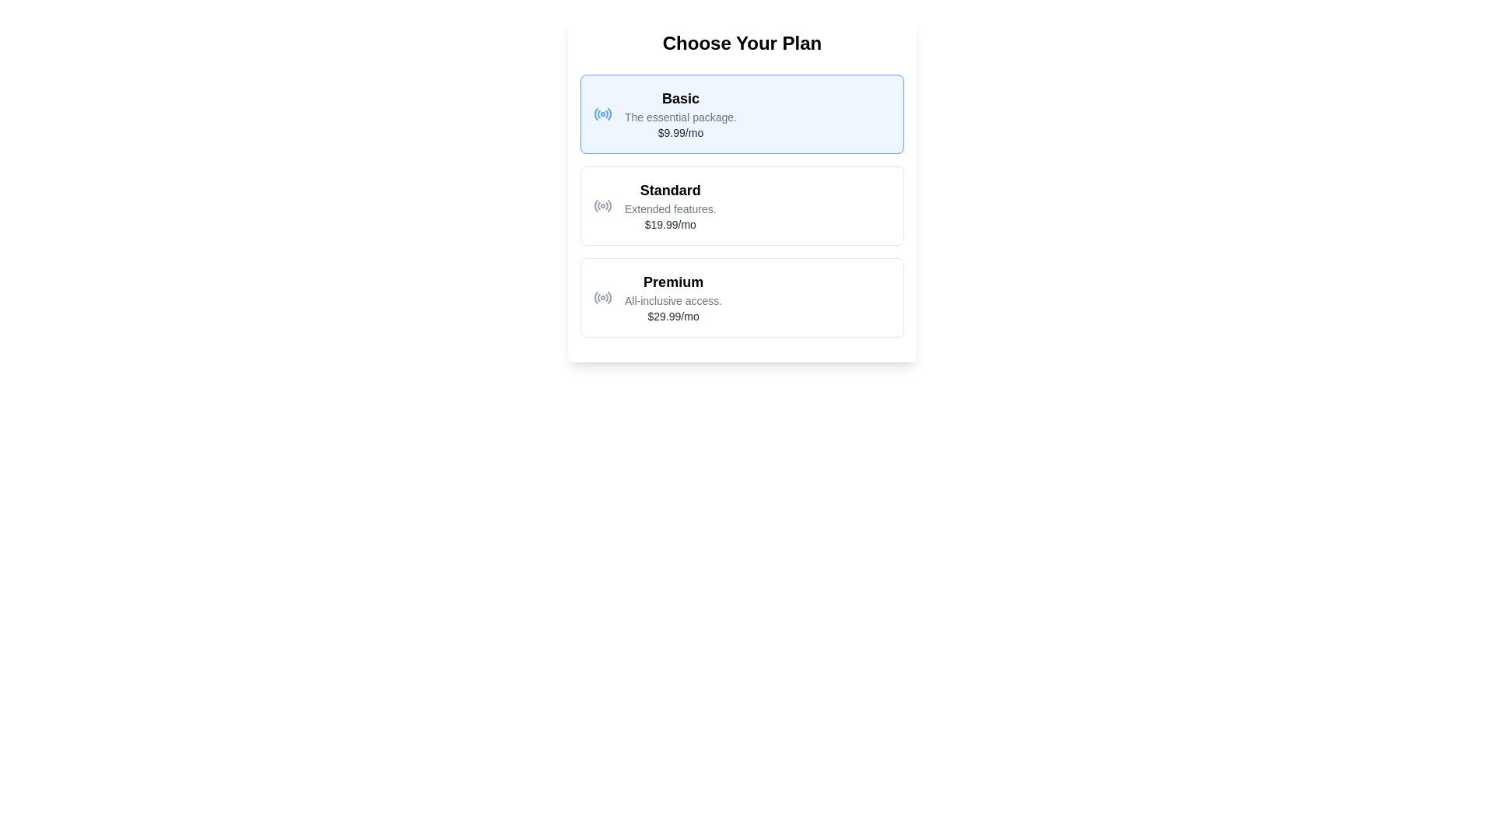  I want to click on the descriptive label for the Premium plan, which states 'All-inclusive access.', so click(673, 300).